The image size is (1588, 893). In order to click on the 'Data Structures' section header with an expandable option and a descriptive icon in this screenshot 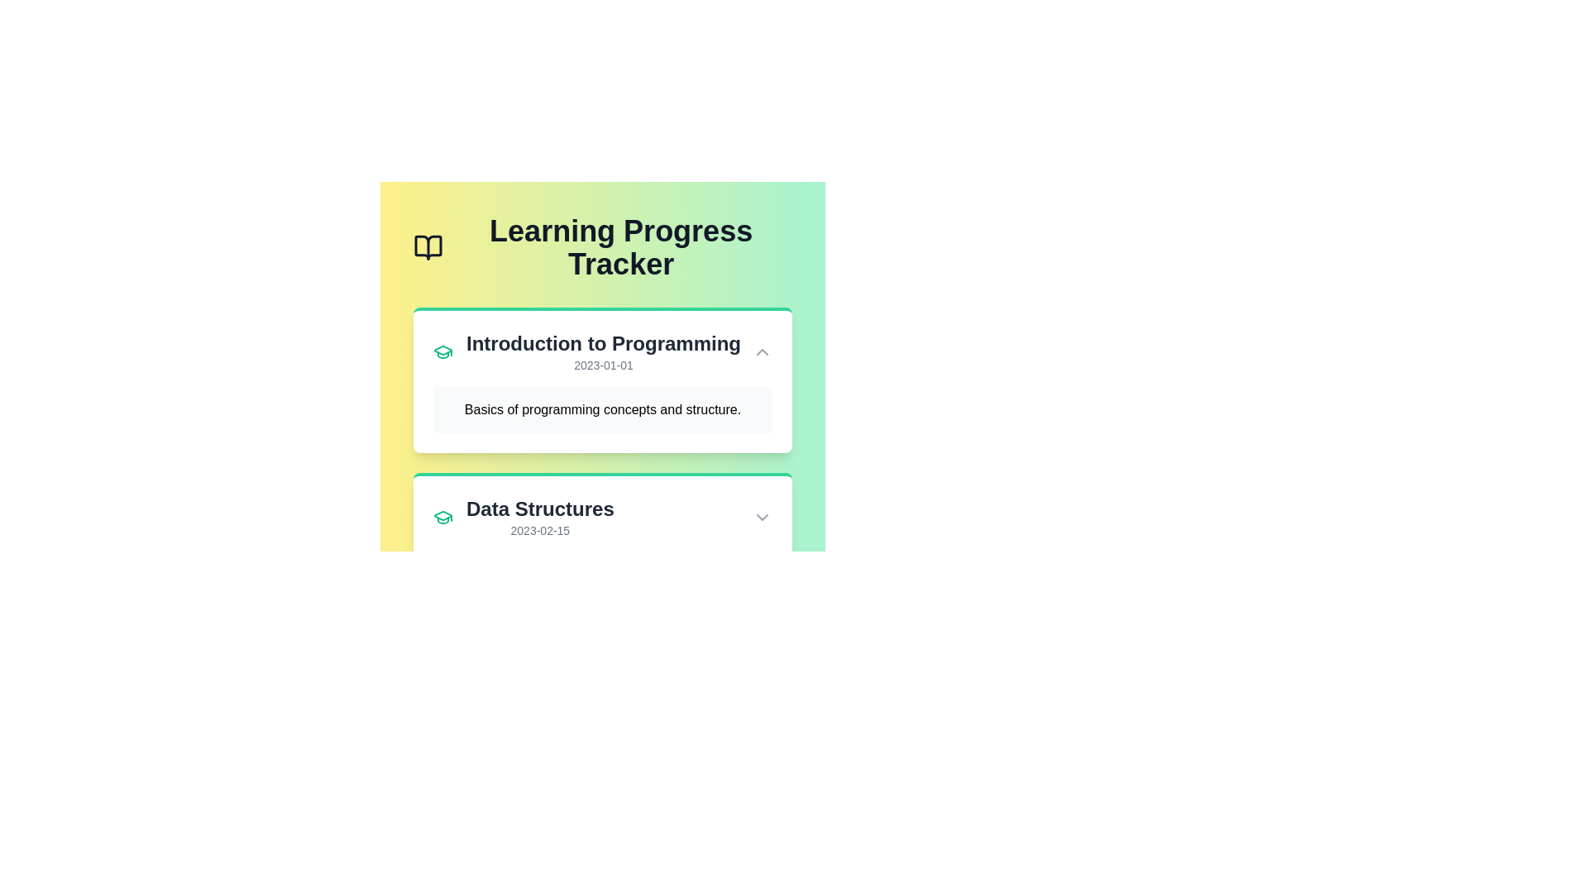, I will do `click(602, 516)`.